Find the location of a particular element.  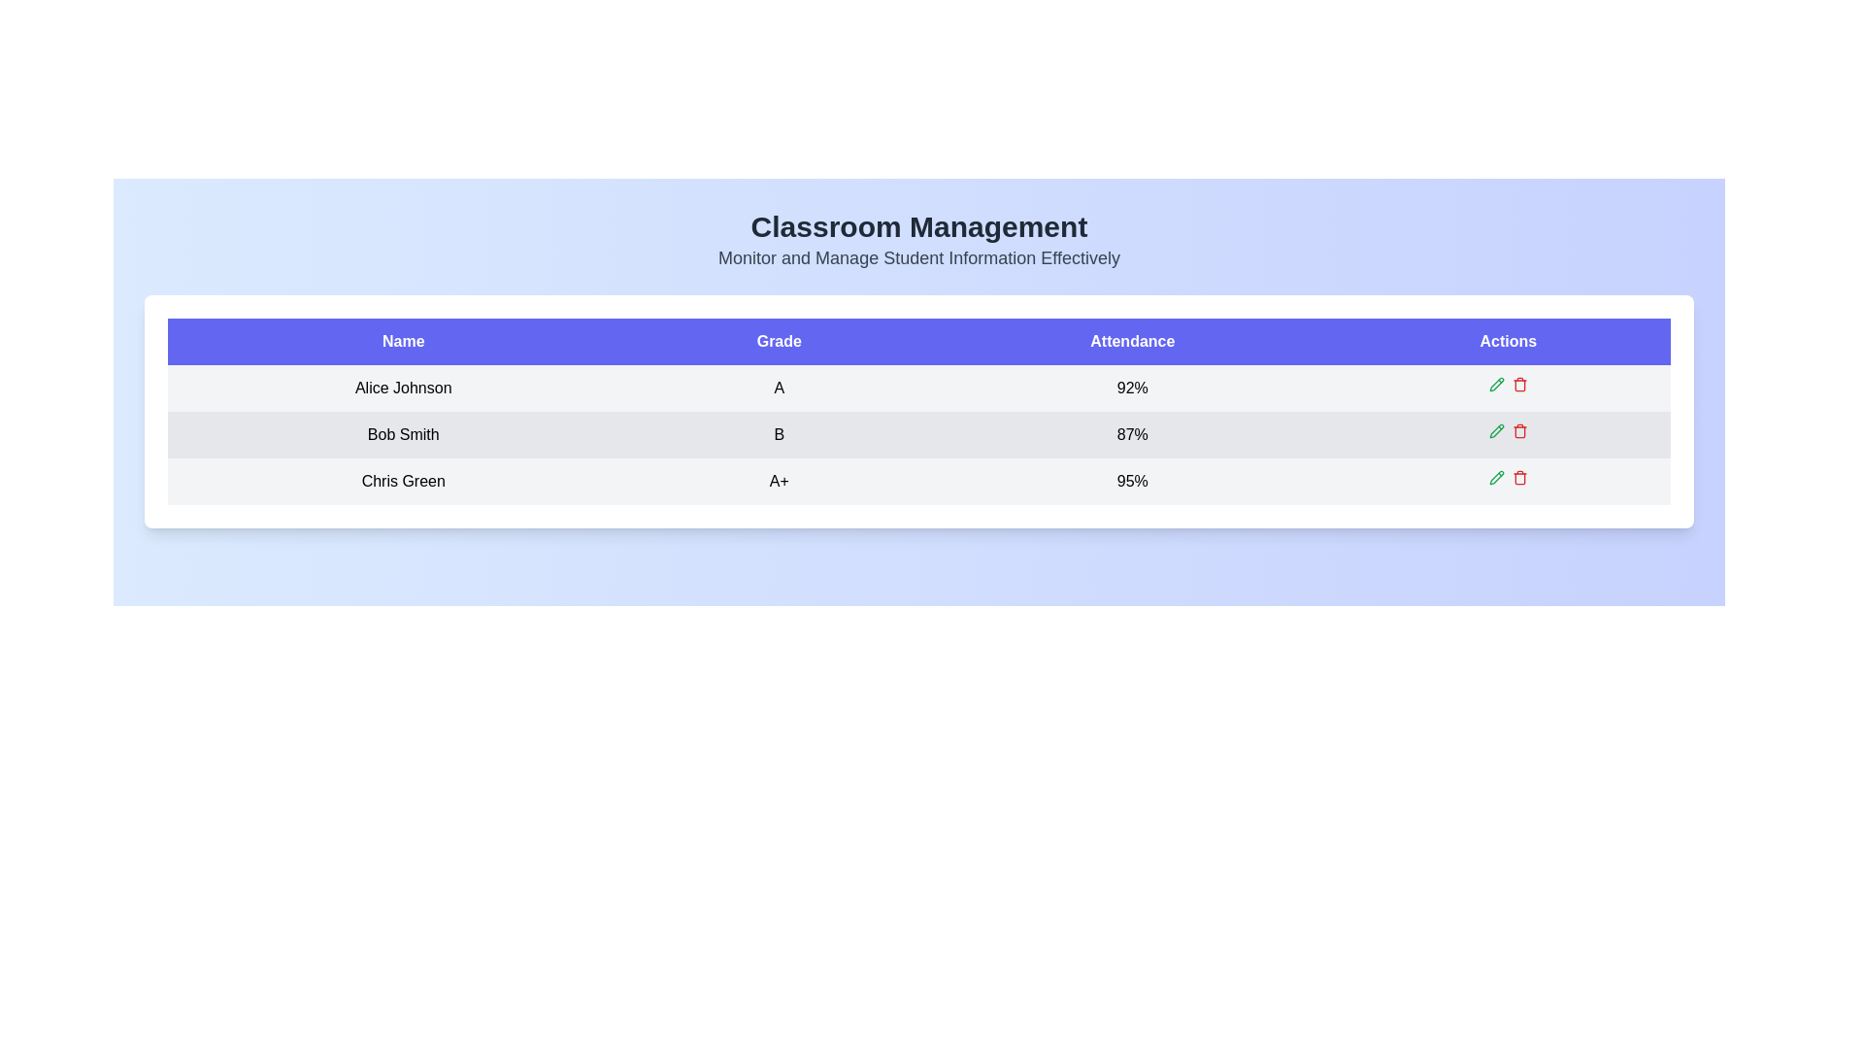

the text label 'Classroom Management' which is a bold, large text block in dark grey on a light blue background located near the top of the interface is located at coordinates (917, 226).